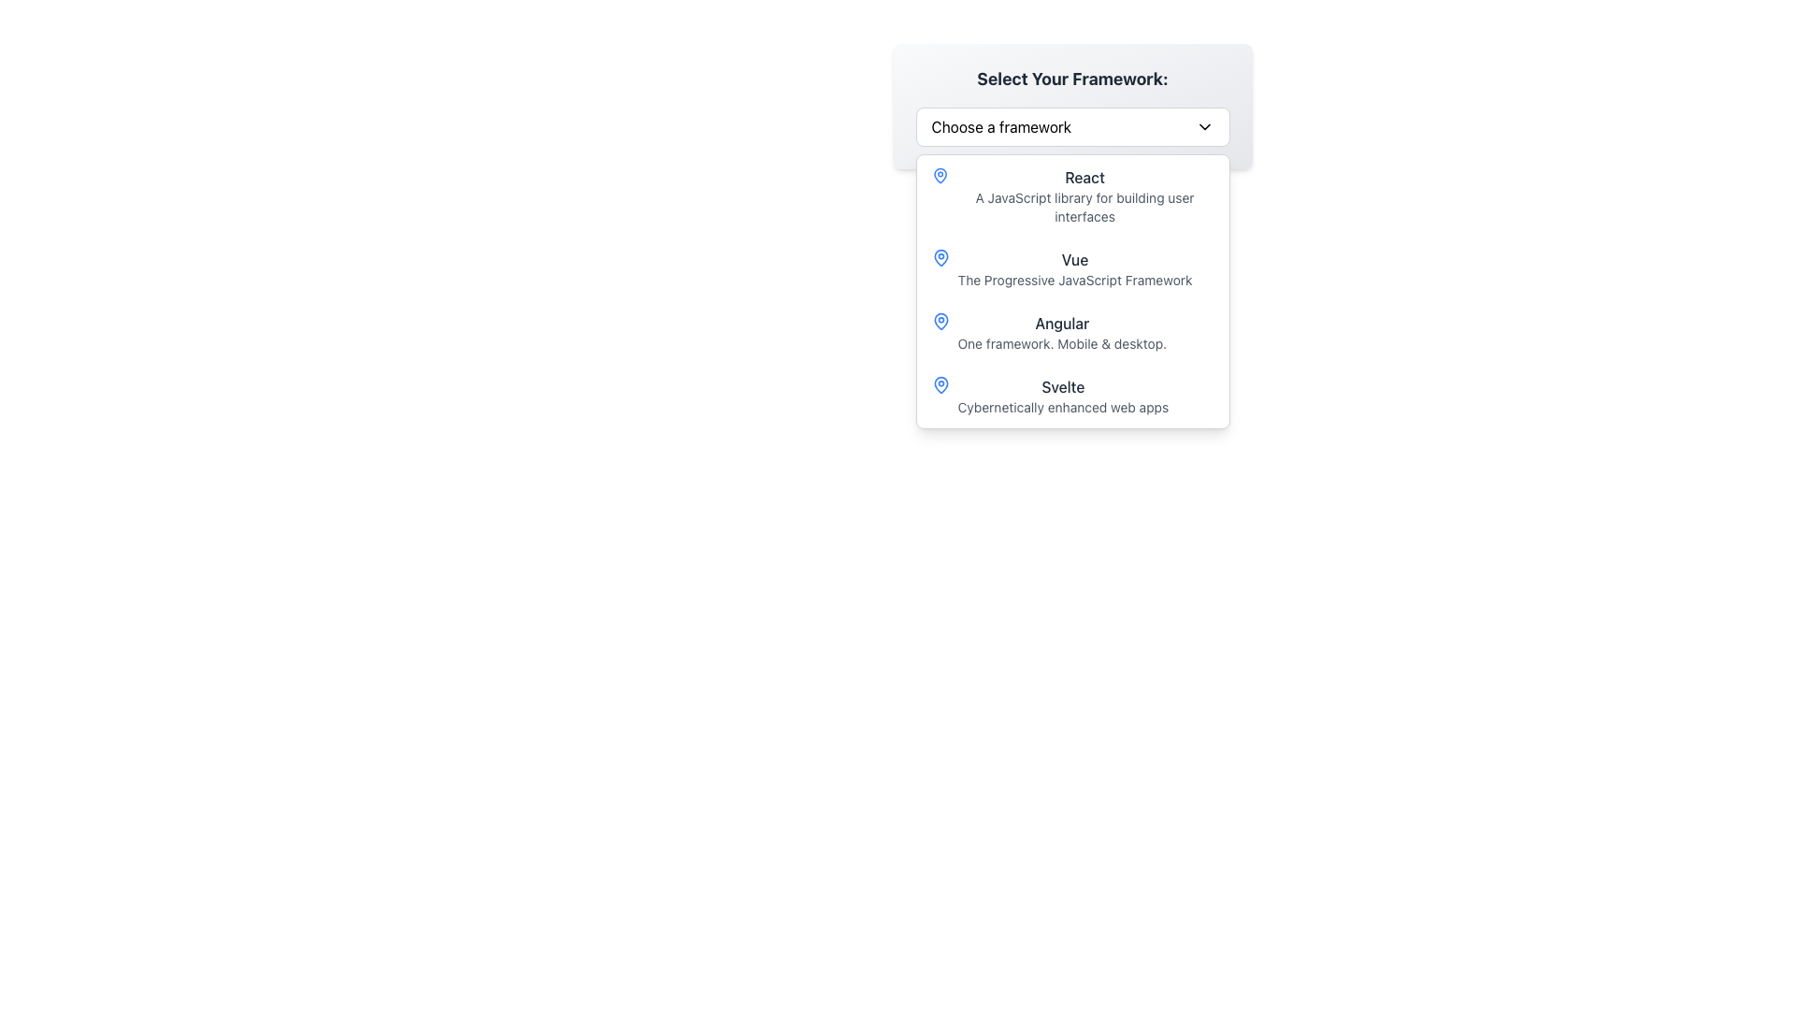  What do you see at coordinates (1072, 269) in the screenshot?
I see `the second list item in the dropdown menu, which is positioned between 'React' and 'Angular'` at bounding box center [1072, 269].